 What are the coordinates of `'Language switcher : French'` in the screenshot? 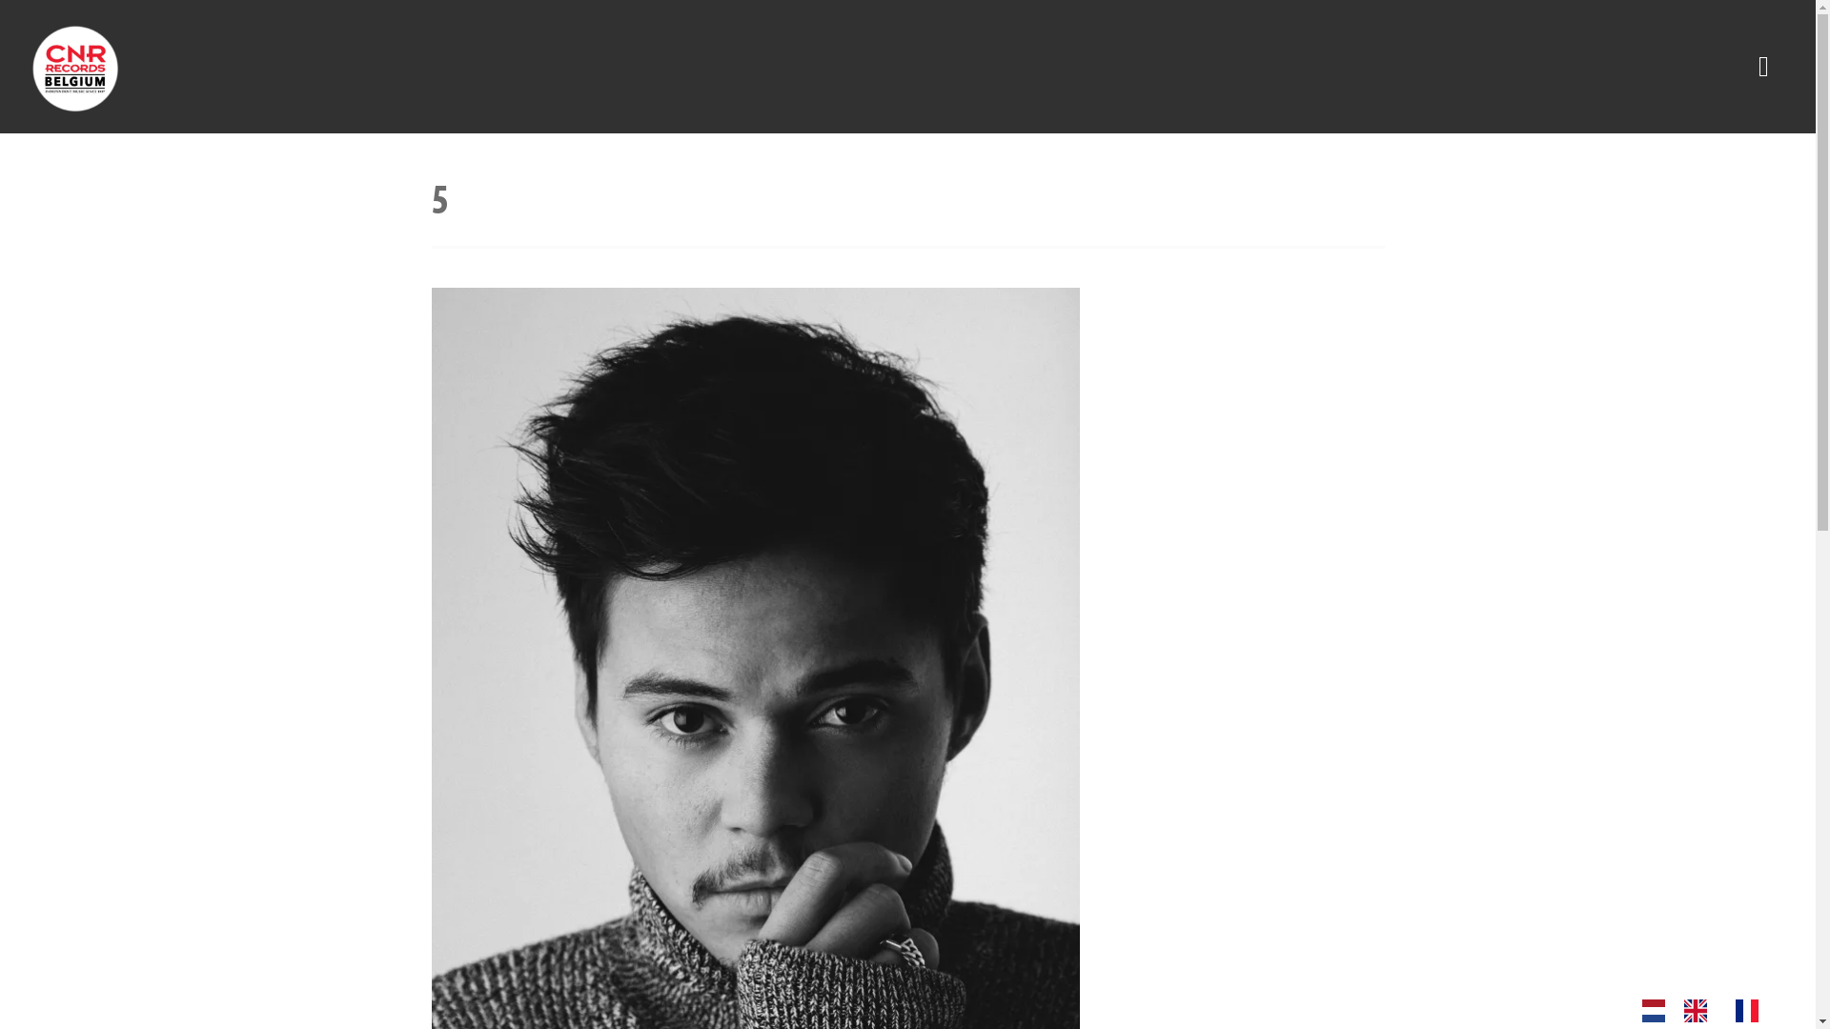 It's located at (1725, 1008).